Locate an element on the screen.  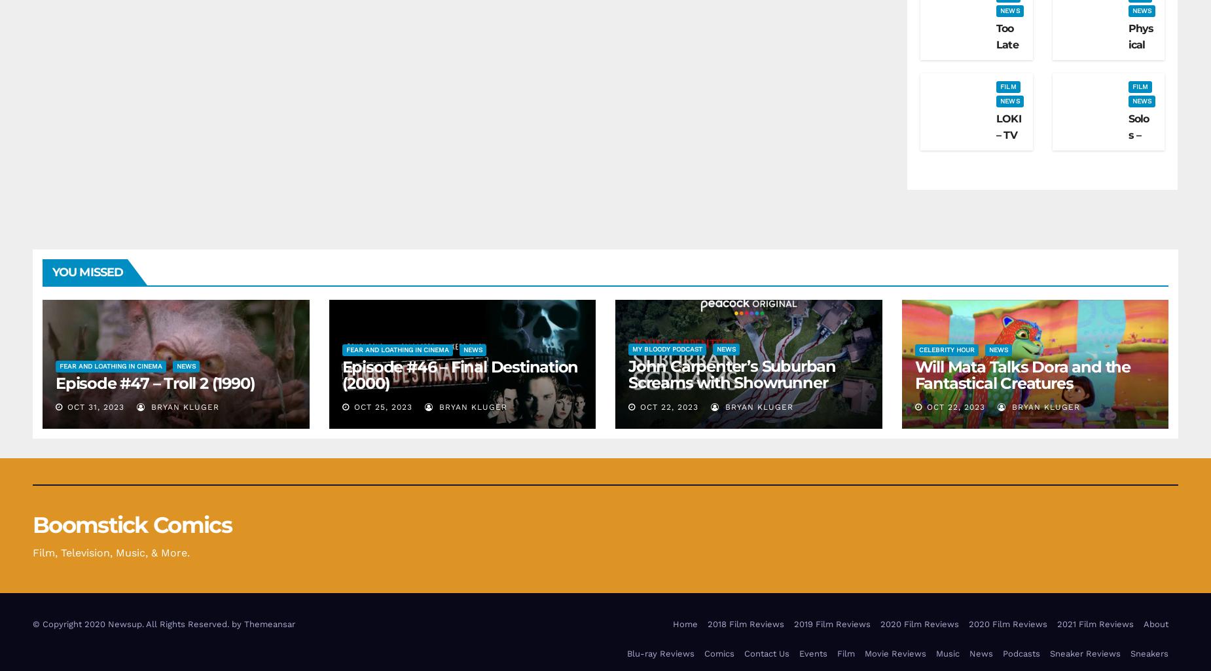
'My Bloody Podcast' is located at coordinates (666, 348).